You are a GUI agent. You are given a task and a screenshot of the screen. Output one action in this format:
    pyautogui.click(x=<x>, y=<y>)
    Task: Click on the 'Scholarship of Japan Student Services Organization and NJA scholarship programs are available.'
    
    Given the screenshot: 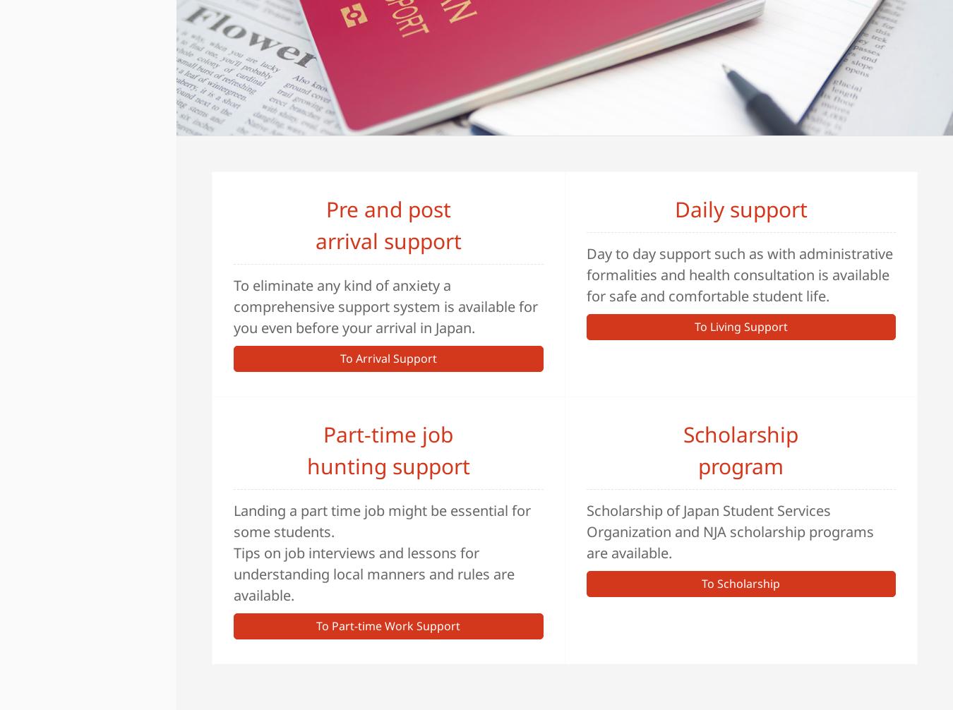 What is the action you would take?
    pyautogui.click(x=729, y=531)
    